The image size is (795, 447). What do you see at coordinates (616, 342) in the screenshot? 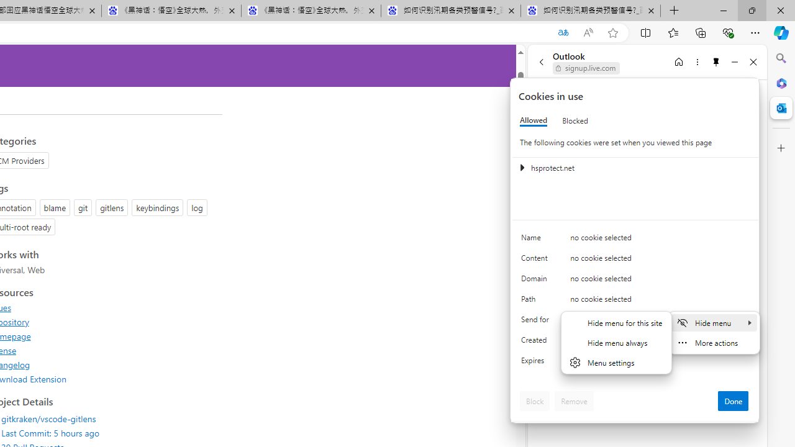
I see `'Hide menu always'` at bounding box center [616, 342].